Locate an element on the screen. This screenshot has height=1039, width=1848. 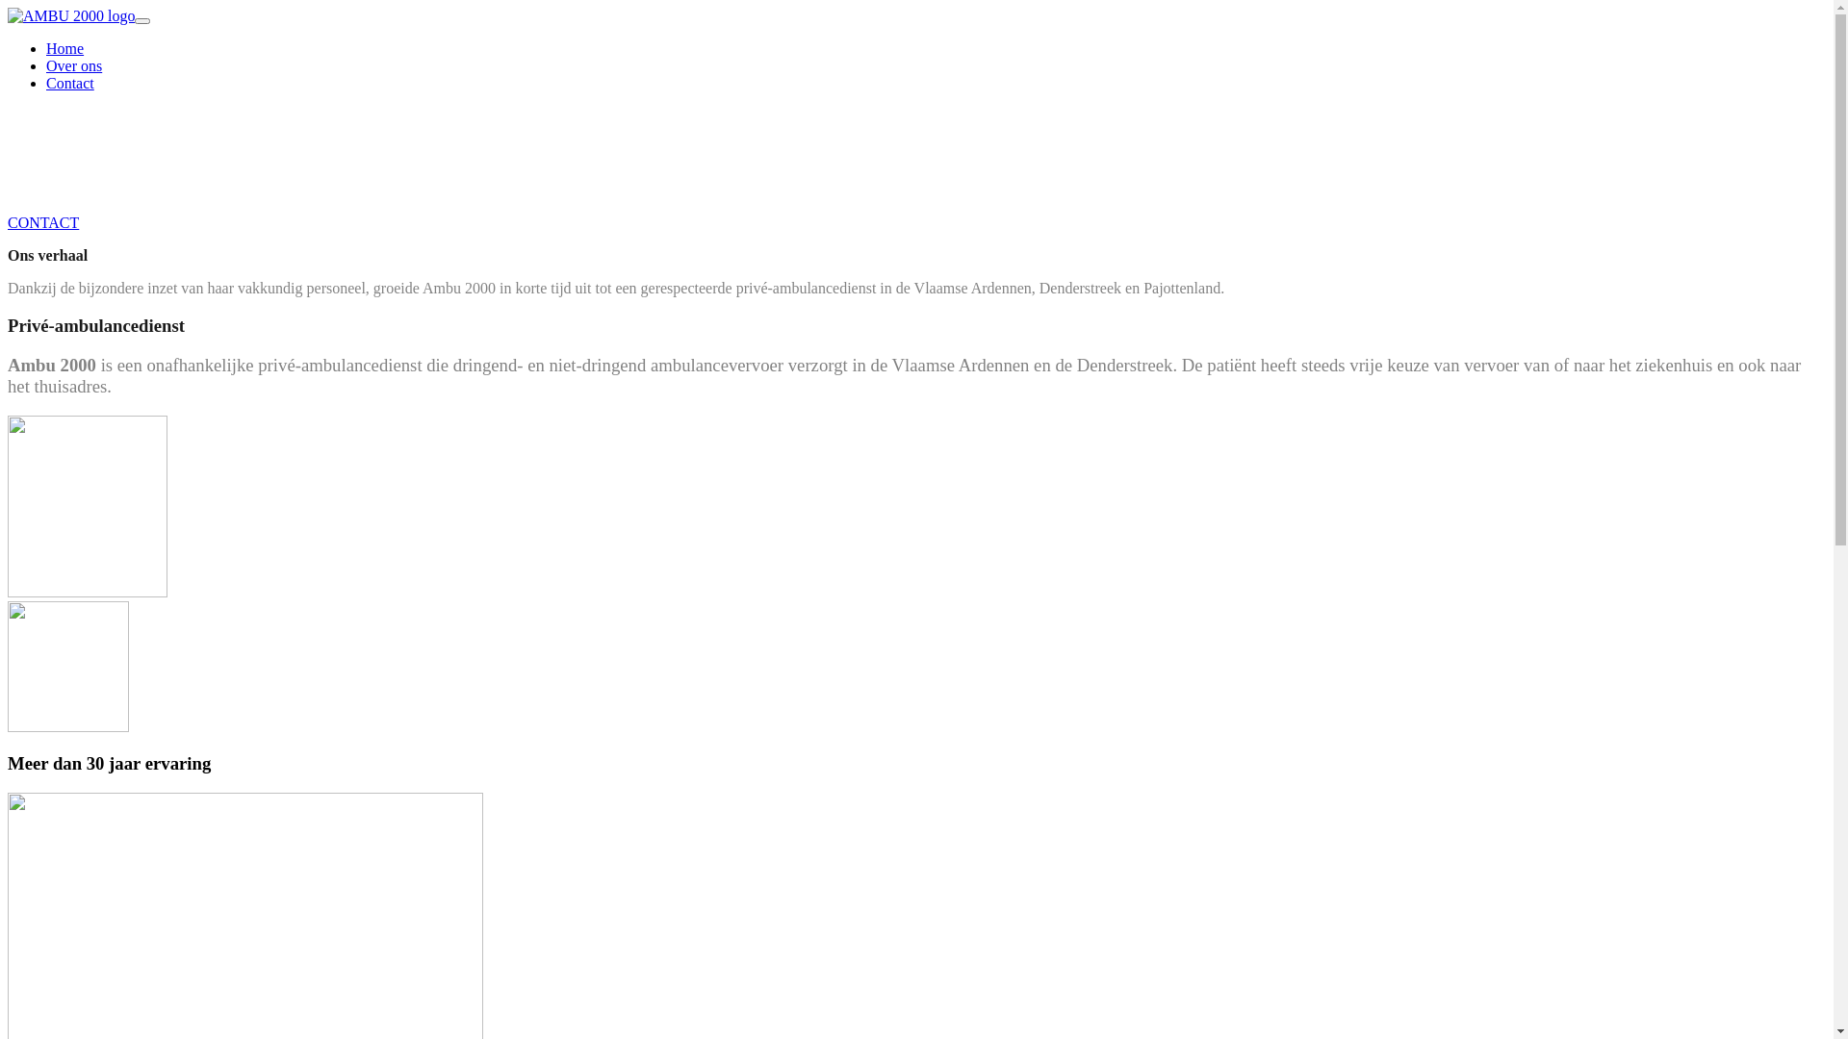
'Menu' is located at coordinates (141, 21).